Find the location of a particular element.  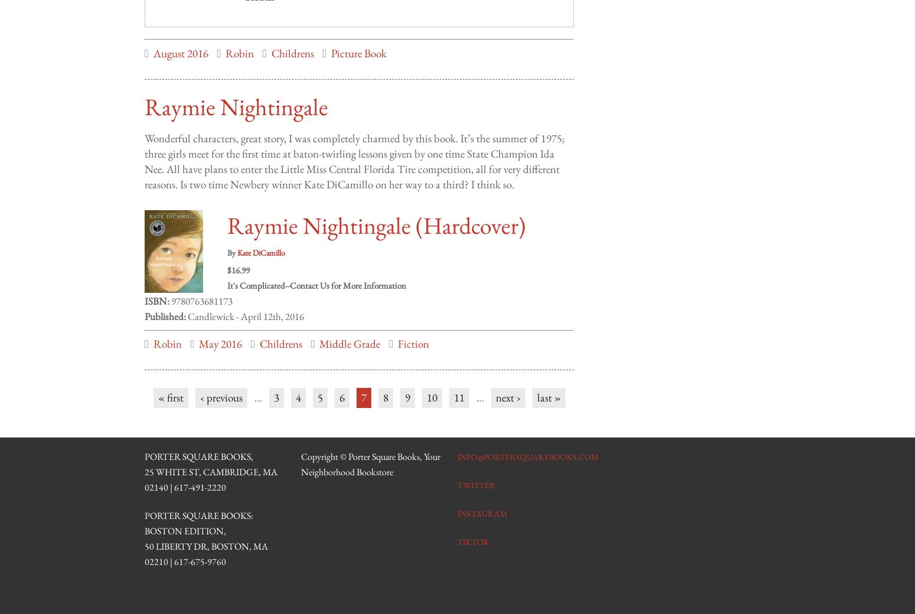

'Fiction' is located at coordinates (397, 331).